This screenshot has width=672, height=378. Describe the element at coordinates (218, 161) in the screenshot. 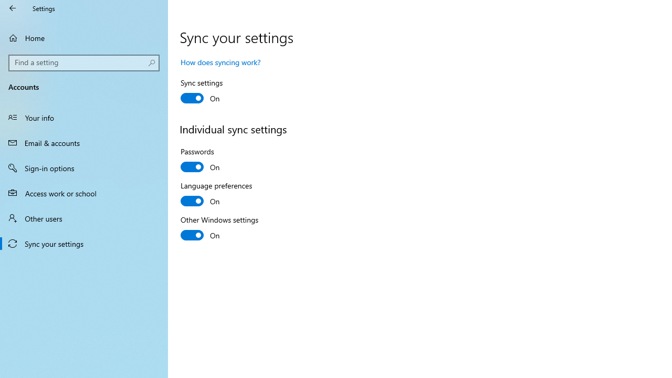

I see `'Passwords'` at that location.